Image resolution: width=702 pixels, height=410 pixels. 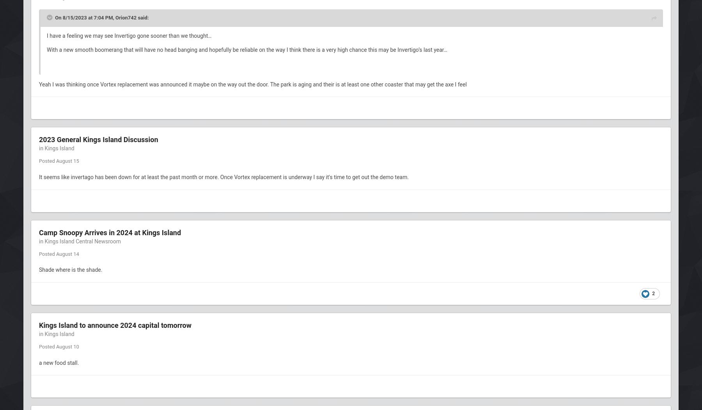 What do you see at coordinates (85, 17) in the screenshot?
I see `'On 8/15/2023 at 7:04 PM,'` at bounding box center [85, 17].